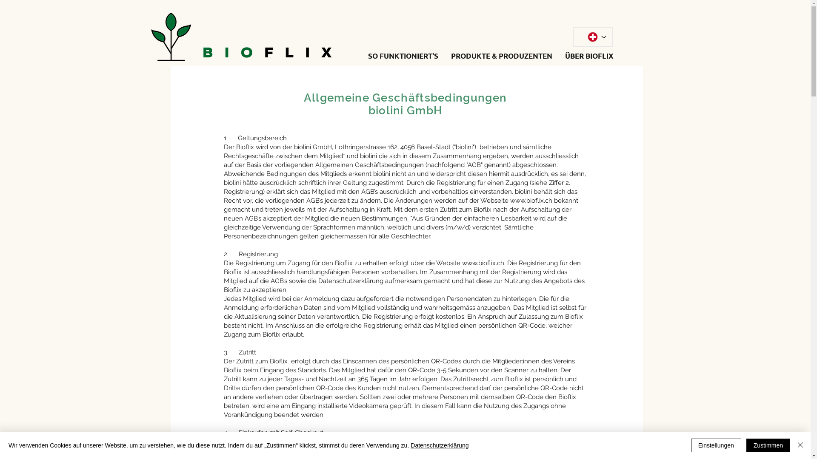 This screenshot has height=459, width=817. Describe the element at coordinates (403, 55) in the screenshot. I see `'SO FUNKTIONIERT'S'` at that location.